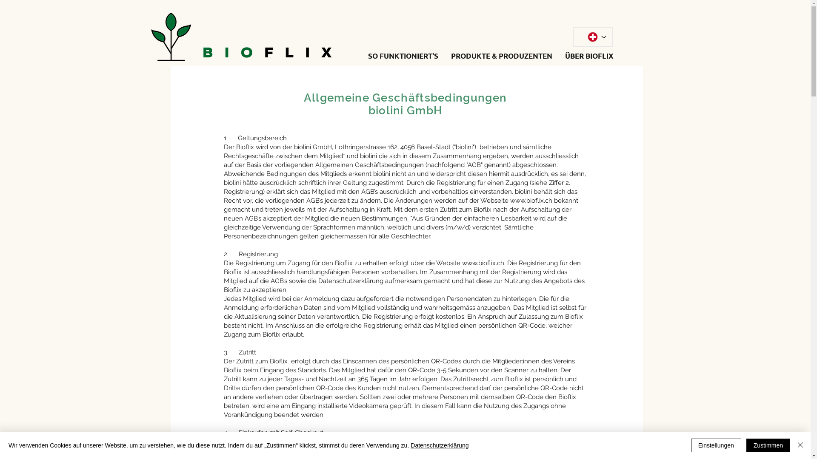 This screenshot has height=459, width=817. Describe the element at coordinates (403, 55) in the screenshot. I see `'SO FUNKTIONIERT'S'` at that location.